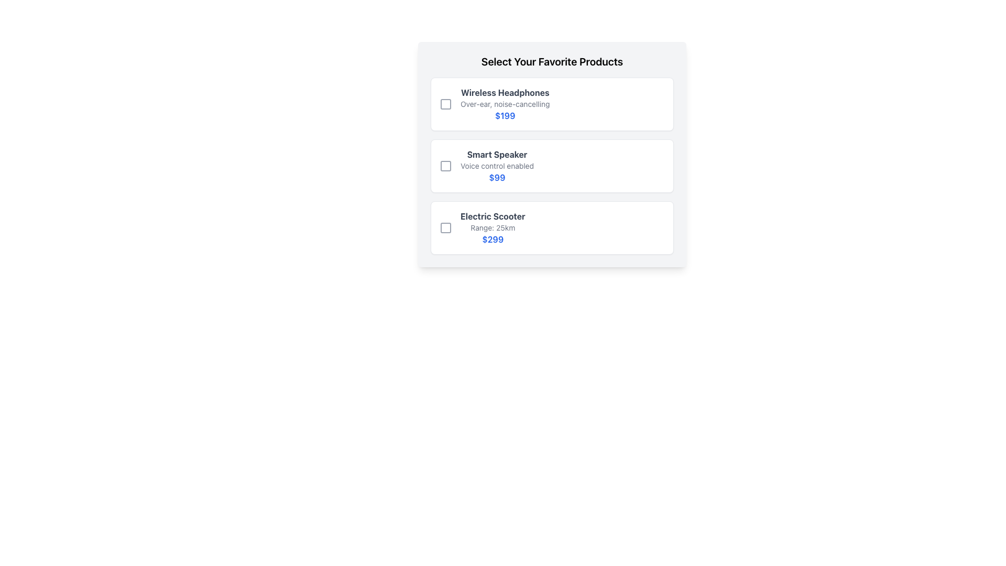  What do you see at coordinates (497, 165) in the screenshot?
I see `information displayed in the text block containing the title, description, and price of the product 'Smart Speaker', which is the second item in a vertical list of products` at bounding box center [497, 165].